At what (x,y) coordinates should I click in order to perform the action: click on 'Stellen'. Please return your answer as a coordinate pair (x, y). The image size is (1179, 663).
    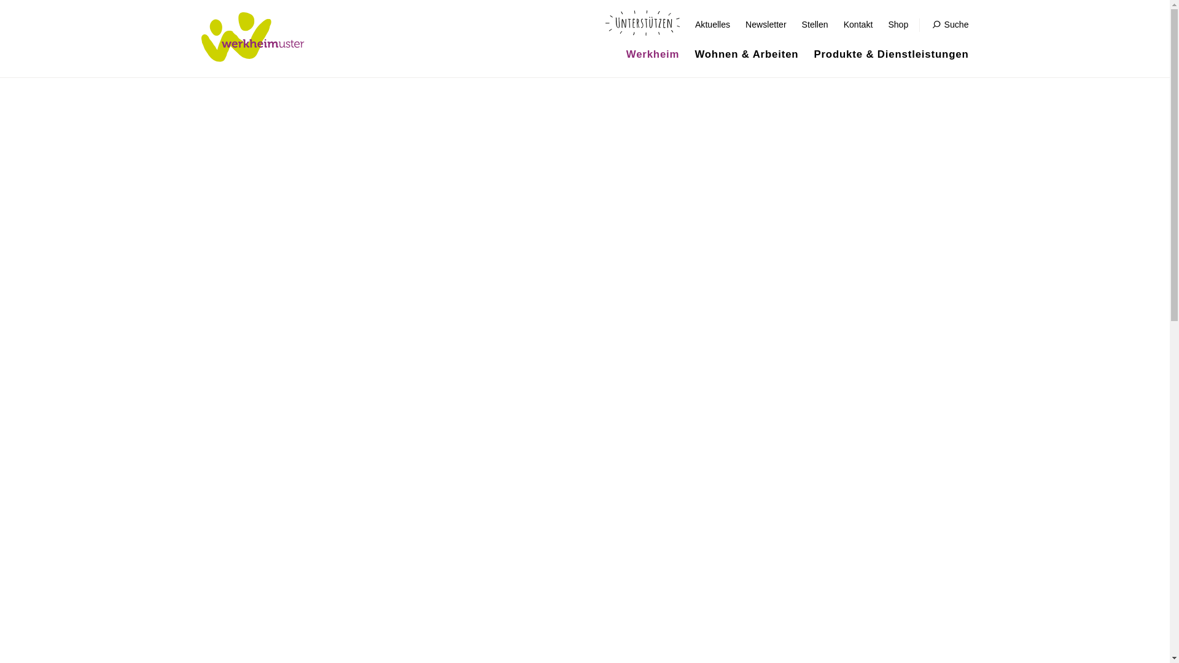
    Looking at the image, I should click on (801, 25).